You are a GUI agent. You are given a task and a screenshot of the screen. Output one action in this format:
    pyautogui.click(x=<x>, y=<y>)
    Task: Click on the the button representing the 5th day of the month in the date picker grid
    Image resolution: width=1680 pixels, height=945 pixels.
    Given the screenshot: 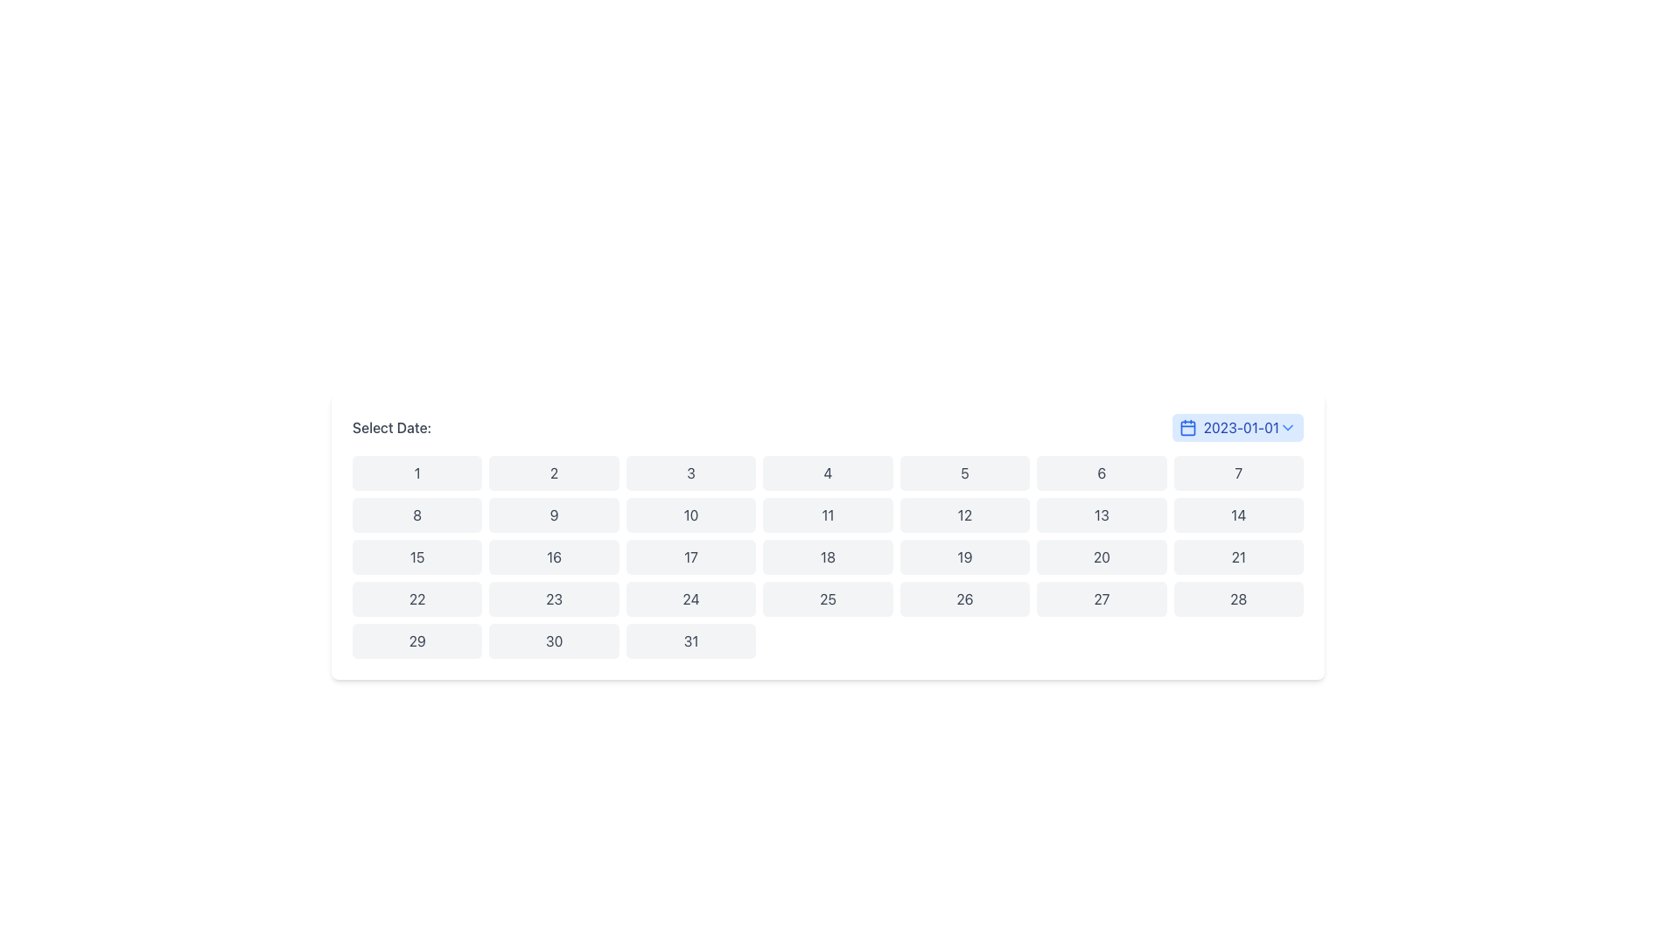 What is the action you would take?
    pyautogui.click(x=963, y=472)
    